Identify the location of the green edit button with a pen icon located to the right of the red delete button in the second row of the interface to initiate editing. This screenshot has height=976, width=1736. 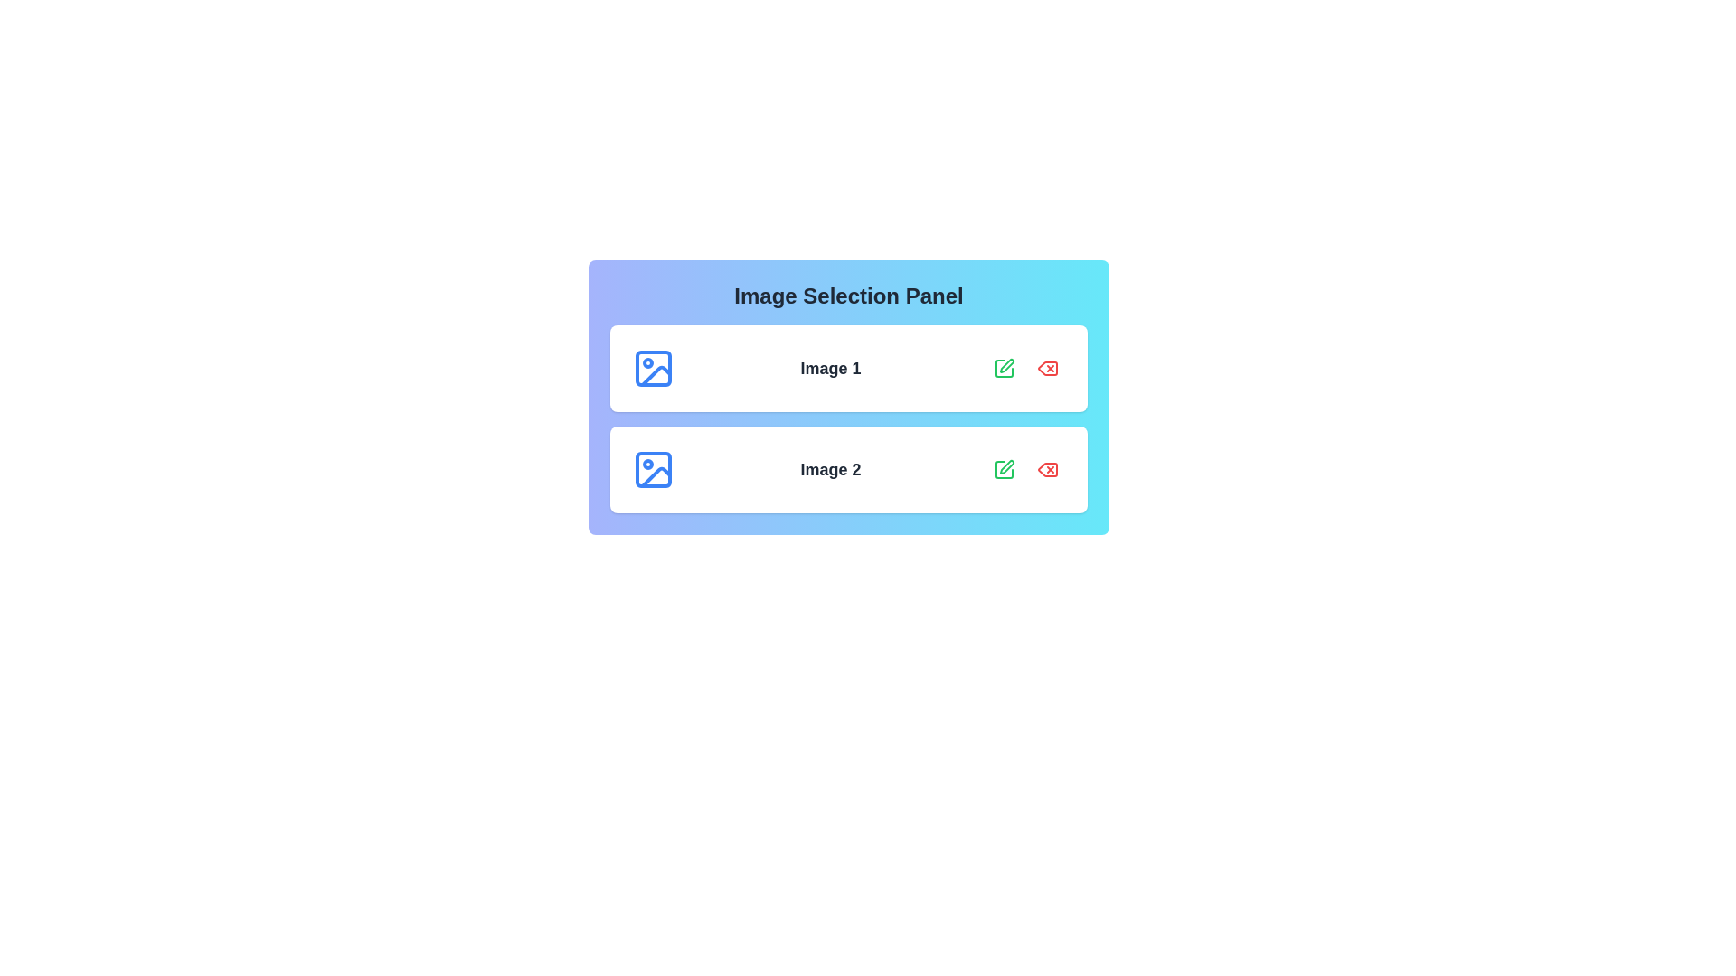
(1003, 469).